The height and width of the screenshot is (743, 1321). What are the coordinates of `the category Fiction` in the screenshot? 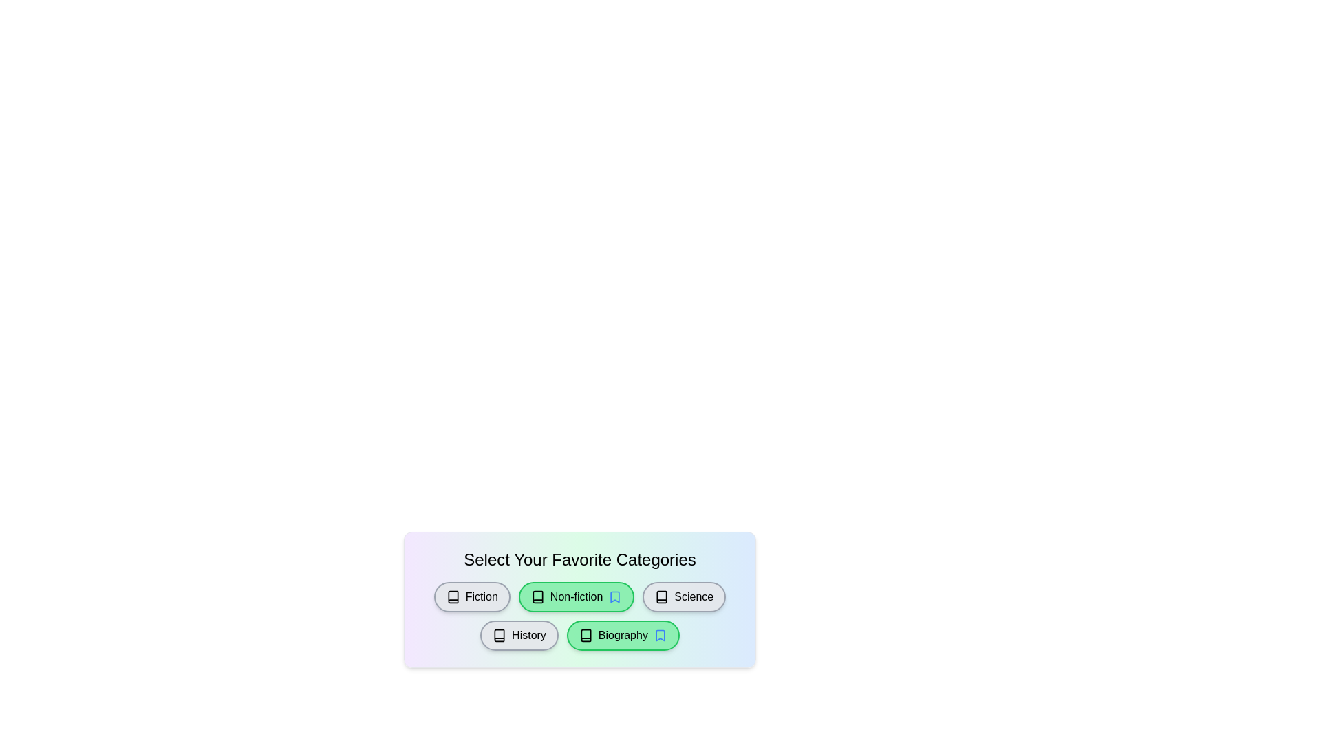 It's located at (472, 596).